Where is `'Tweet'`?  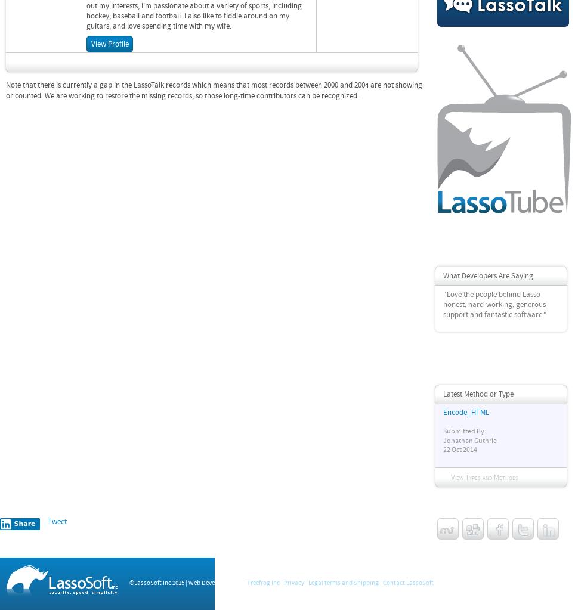 'Tweet' is located at coordinates (55, 521).